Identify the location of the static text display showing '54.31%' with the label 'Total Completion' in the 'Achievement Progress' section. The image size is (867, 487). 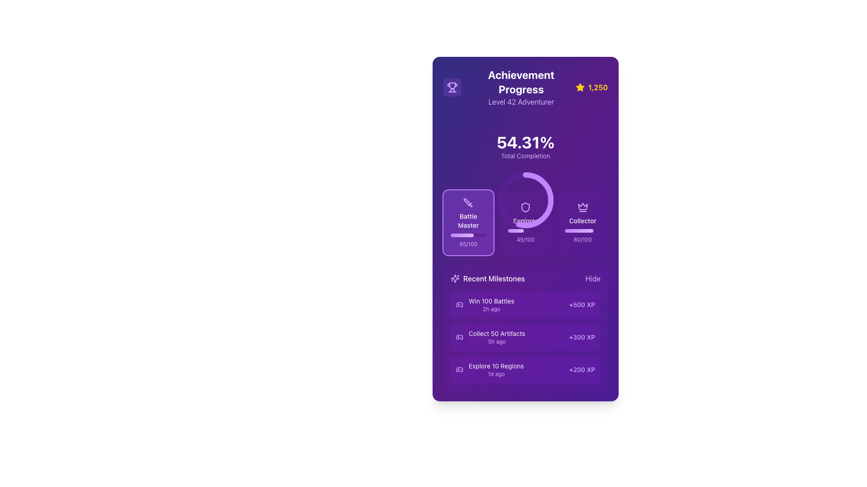
(525, 147).